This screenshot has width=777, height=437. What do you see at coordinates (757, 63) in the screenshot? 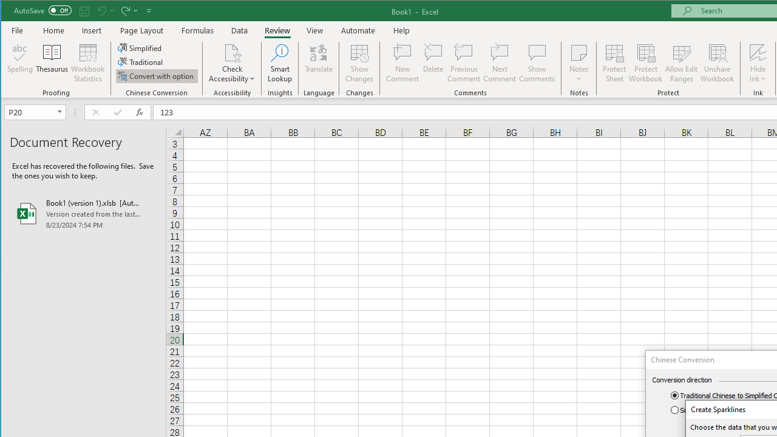
I see `'Hide Ink'` at bounding box center [757, 63].